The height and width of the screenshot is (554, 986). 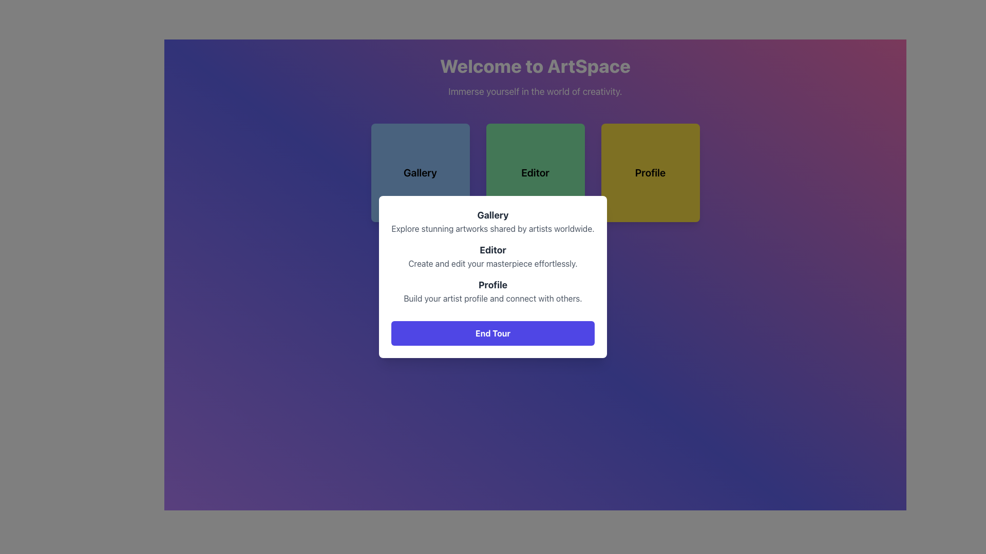 I want to click on the green square-shaped button labeled 'Editor' located in the center of three horizontally-aligned buttons, so click(x=535, y=172).